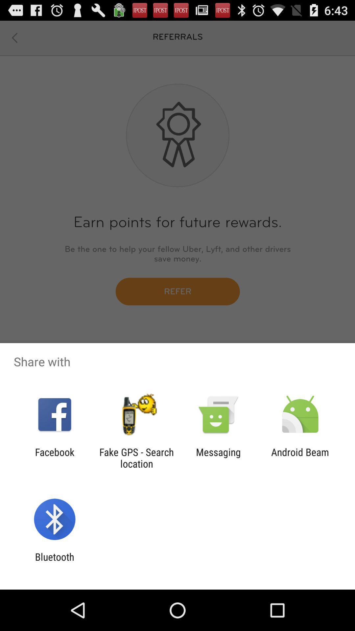  Describe the element at coordinates (136, 457) in the screenshot. I see `the app next to messaging app` at that location.